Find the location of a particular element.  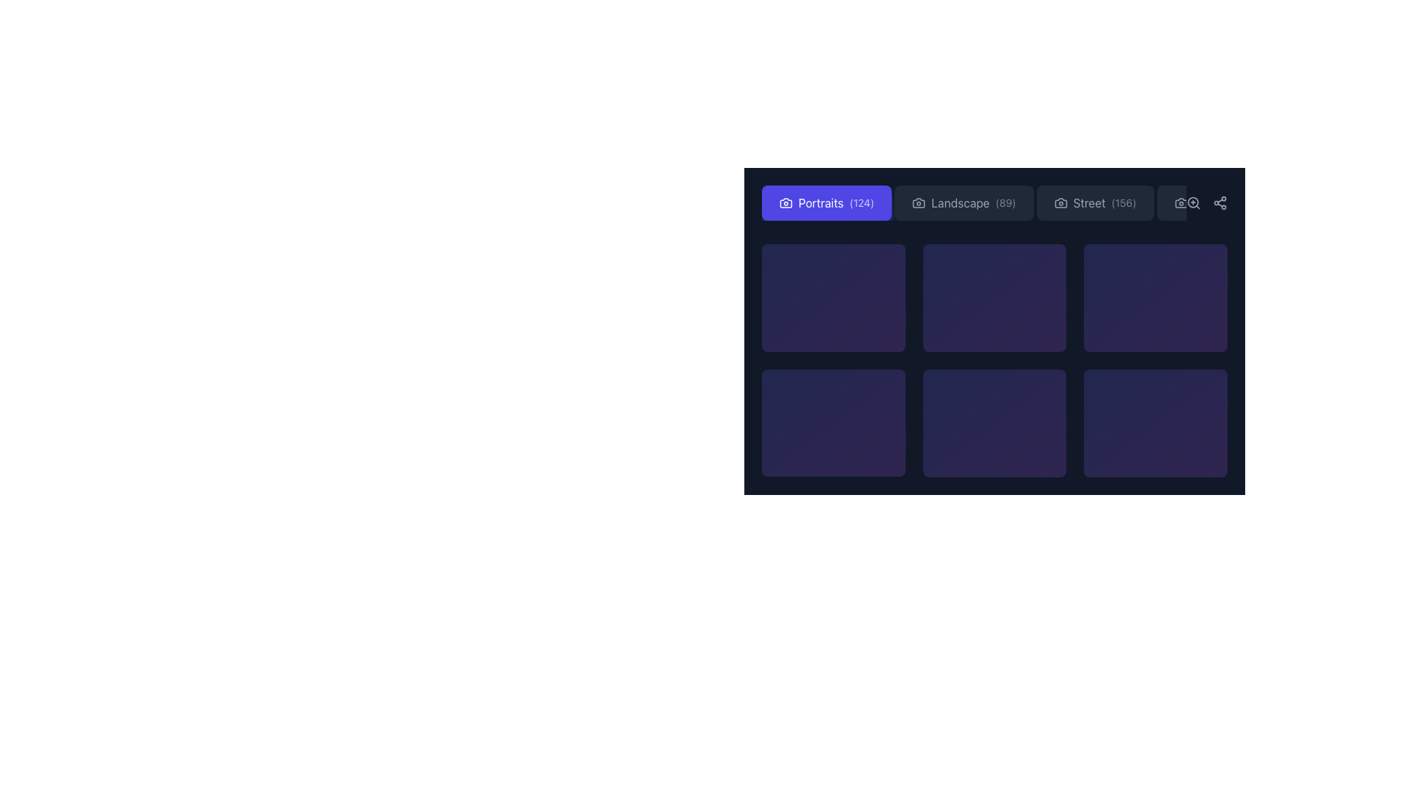

the text label representing the count of items in the 'Street' category, which displays '(156)' and is located to the immediate right of the text 'Street' in the navigation menu is located at coordinates (1123, 203).